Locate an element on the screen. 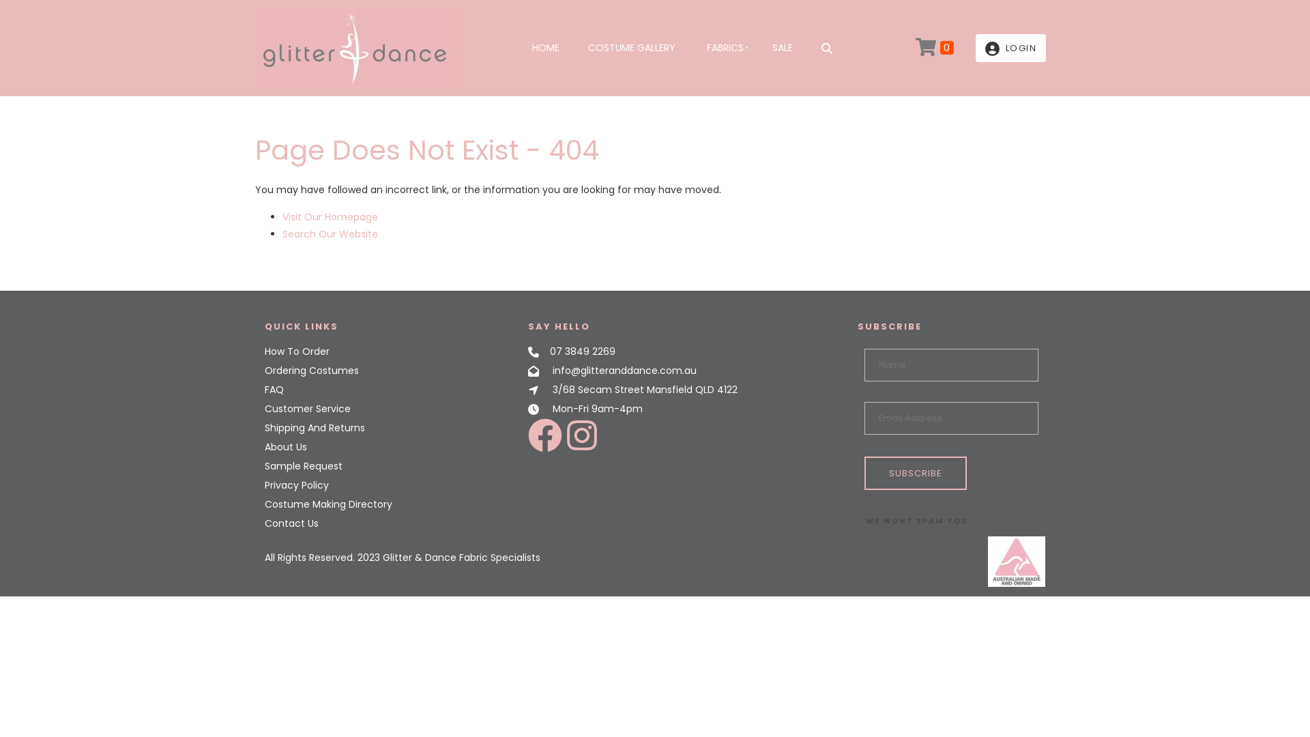 The height and width of the screenshot is (737, 1310). 'SUBSCRIBE' is located at coordinates (914, 472).